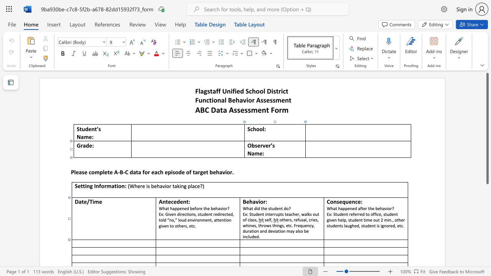  Describe the element at coordinates (350, 201) in the screenshot. I see `the 2th character "e" in the text` at that location.